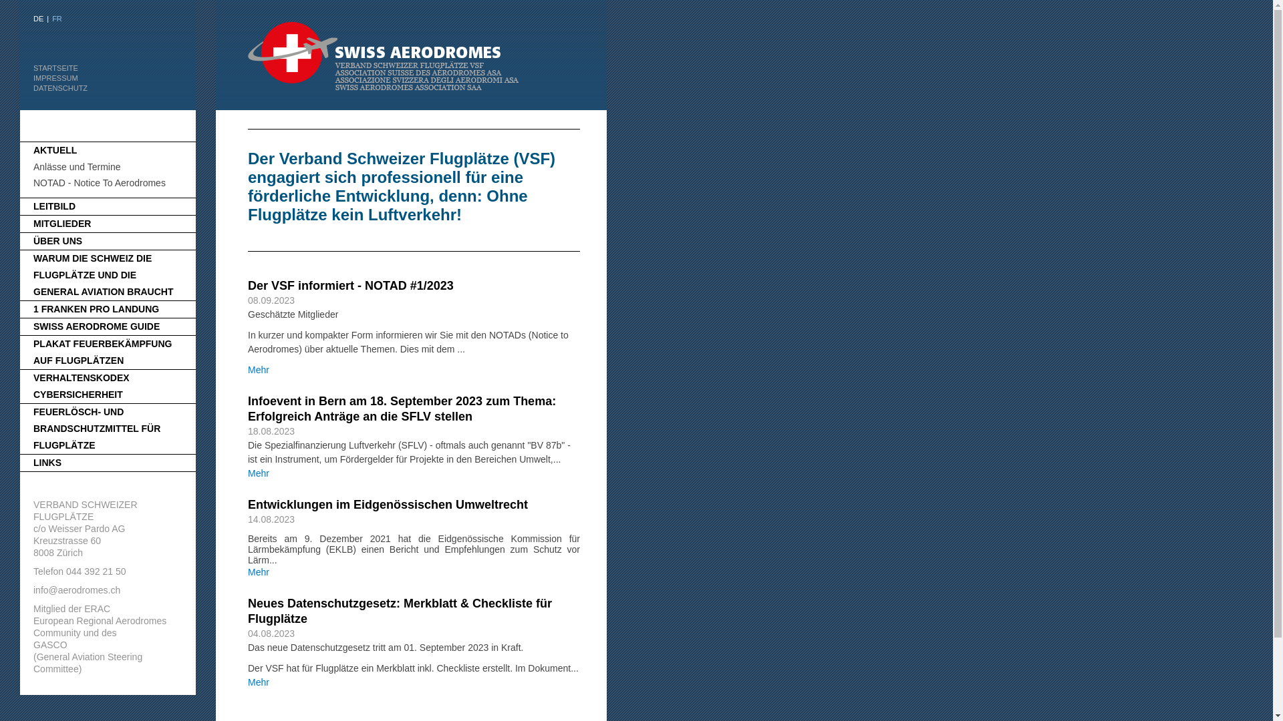 This screenshot has height=721, width=1283. I want to click on 'DE', so click(38, 18).